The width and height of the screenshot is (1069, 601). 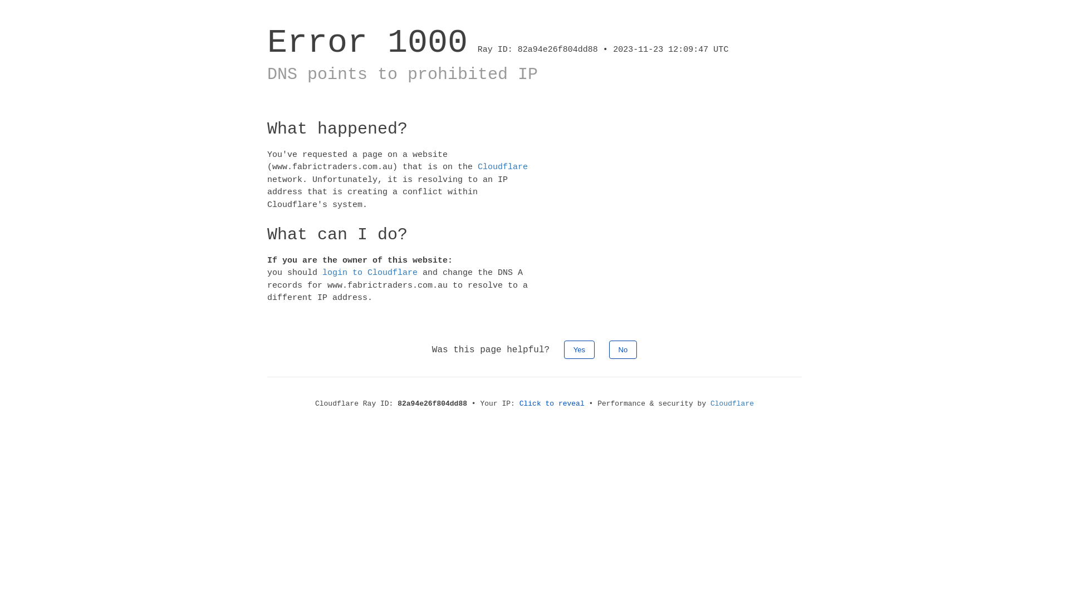 I want to click on 'No', so click(x=622, y=349).